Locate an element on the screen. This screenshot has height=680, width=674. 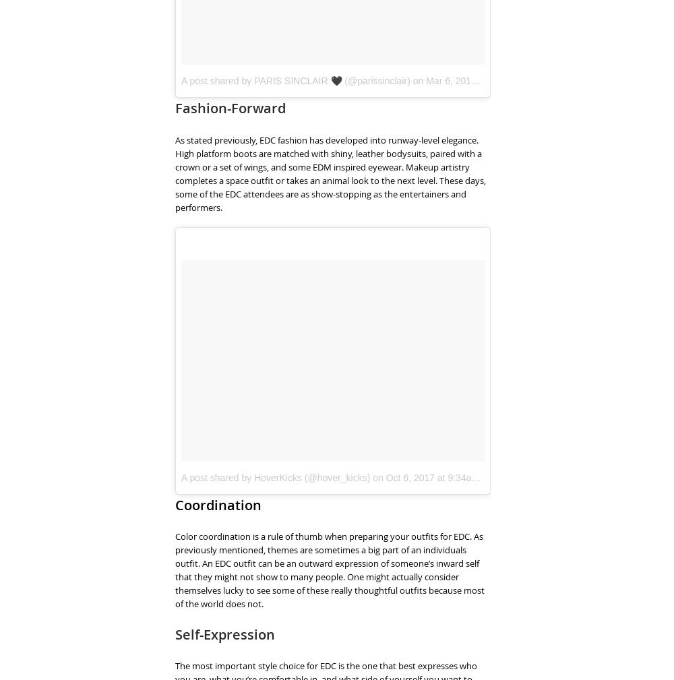
'A post shared by HoverKicks (@hover_kicks)' is located at coordinates (276, 477).